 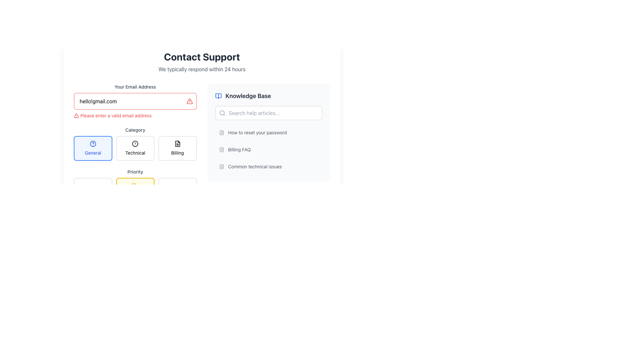 What do you see at coordinates (239, 150) in the screenshot?
I see `the text label that provides information about FAQs related to billing, located under the 'Knowledge Base' category, which is the second item in the list of texts and icons` at bounding box center [239, 150].